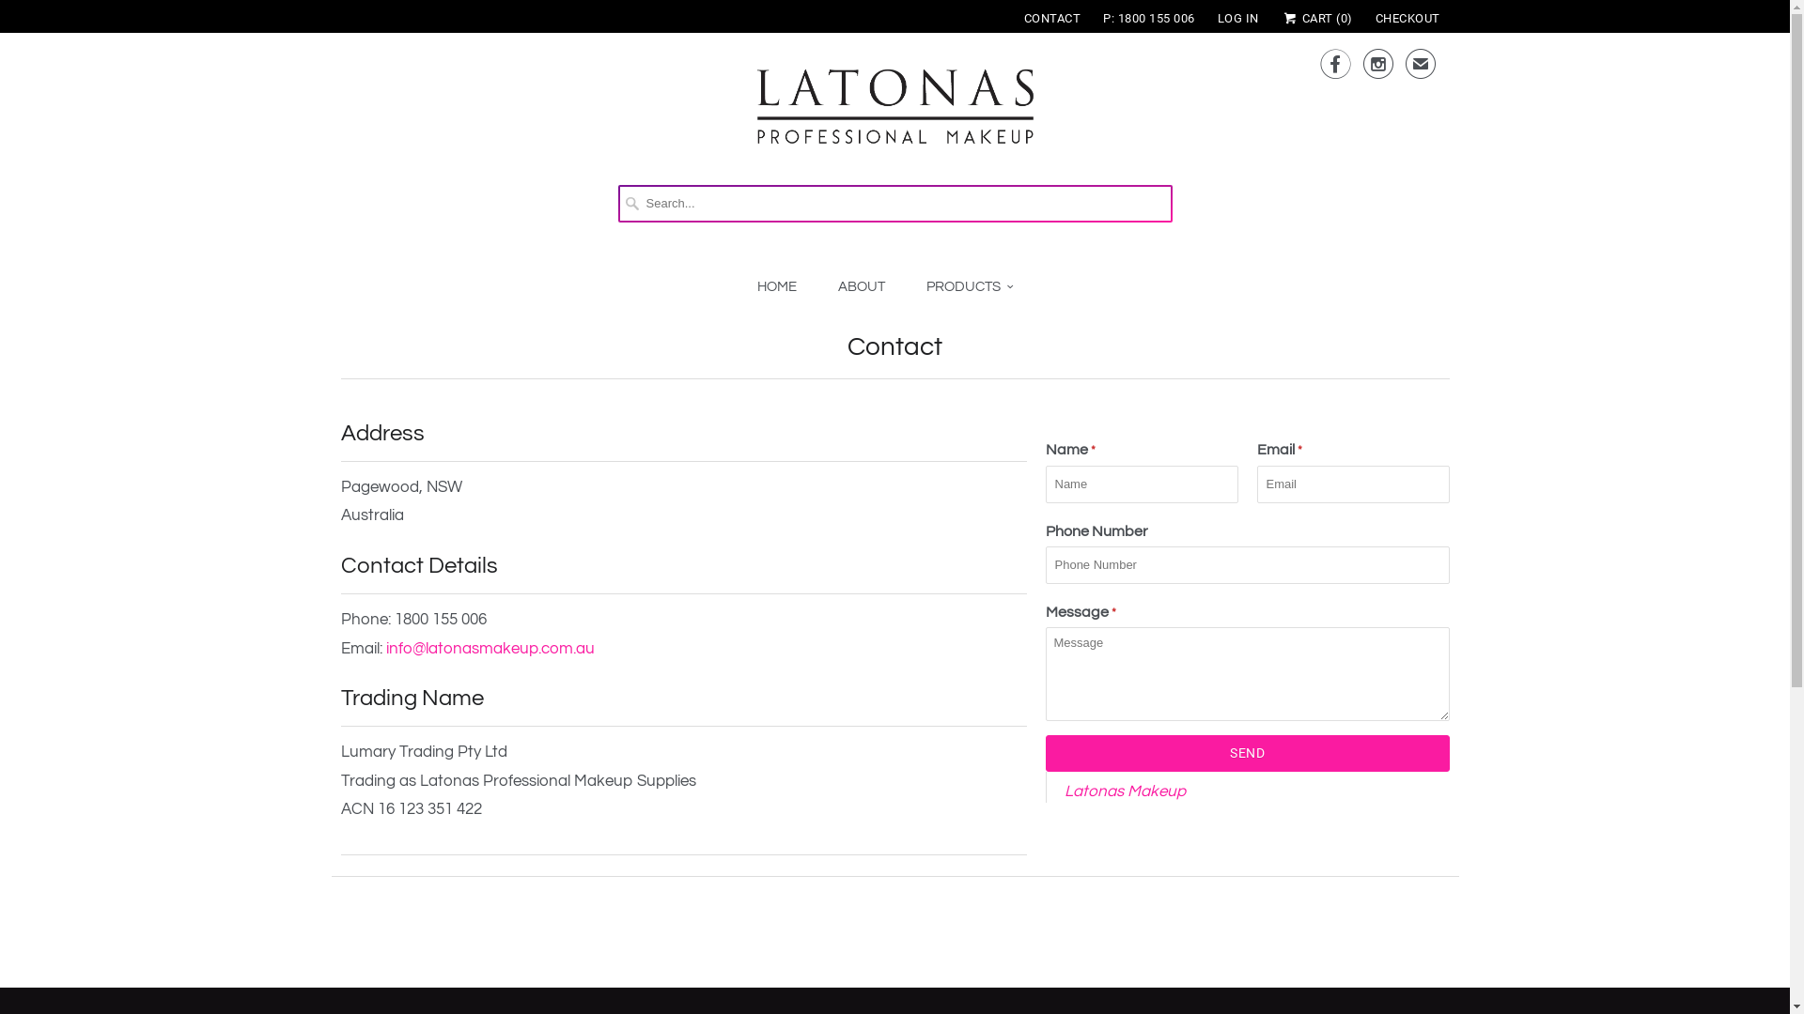 This screenshot has height=1014, width=1804. I want to click on 'info@latonasmakeup.com.au', so click(383, 647).